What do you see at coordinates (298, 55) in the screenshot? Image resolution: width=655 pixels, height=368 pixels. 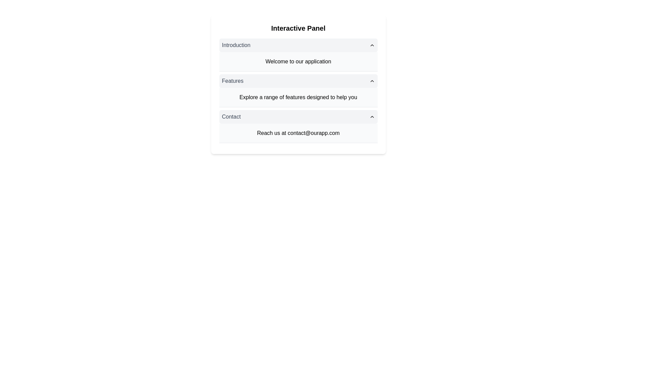 I see `description of the collapsible panel item titled 'Introduction' that states 'Welcome to our application'` at bounding box center [298, 55].